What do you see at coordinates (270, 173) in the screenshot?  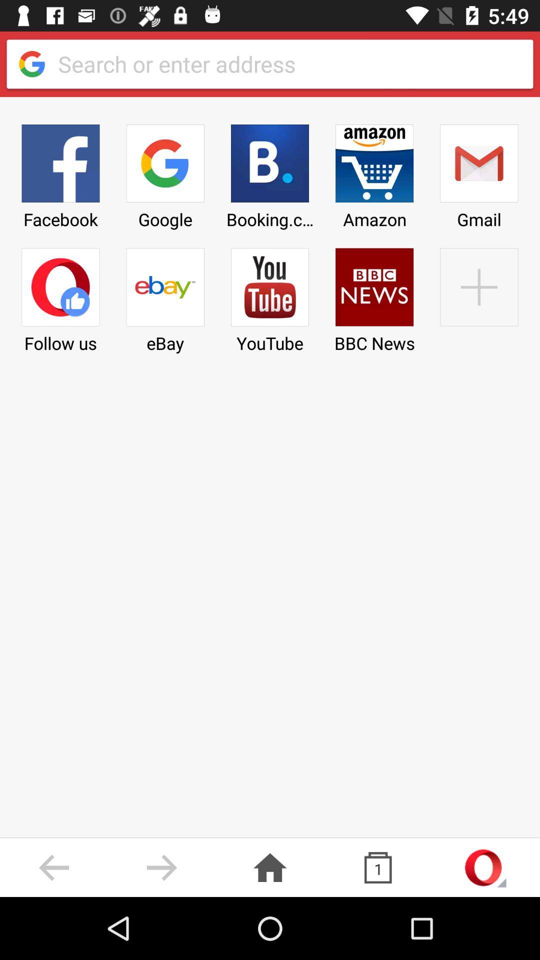 I see `the item next to the google item` at bounding box center [270, 173].